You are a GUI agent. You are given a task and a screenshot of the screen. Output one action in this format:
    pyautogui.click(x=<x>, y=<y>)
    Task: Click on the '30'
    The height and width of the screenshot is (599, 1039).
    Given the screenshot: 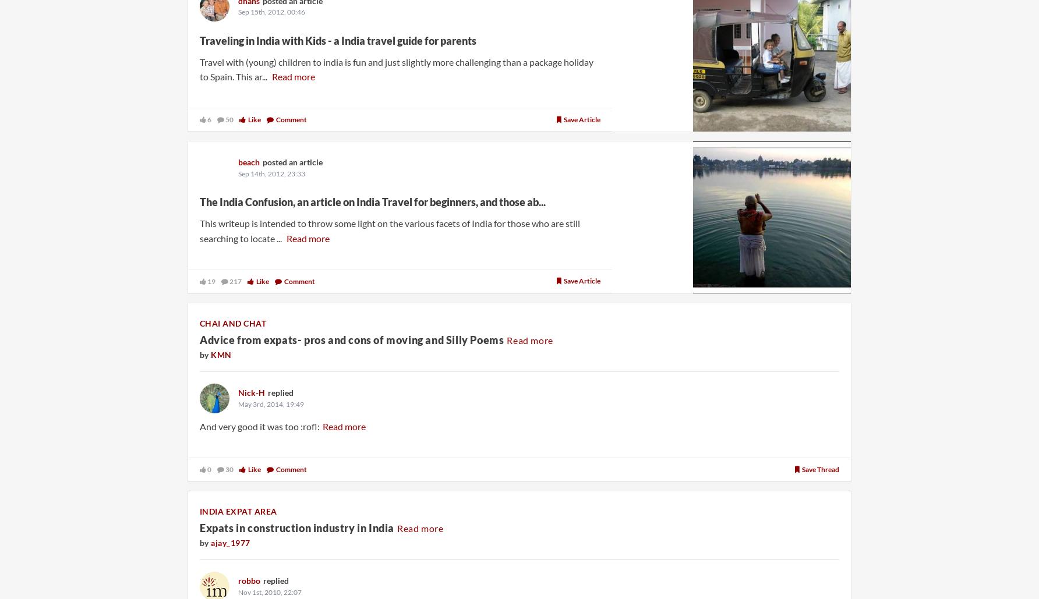 What is the action you would take?
    pyautogui.click(x=228, y=469)
    